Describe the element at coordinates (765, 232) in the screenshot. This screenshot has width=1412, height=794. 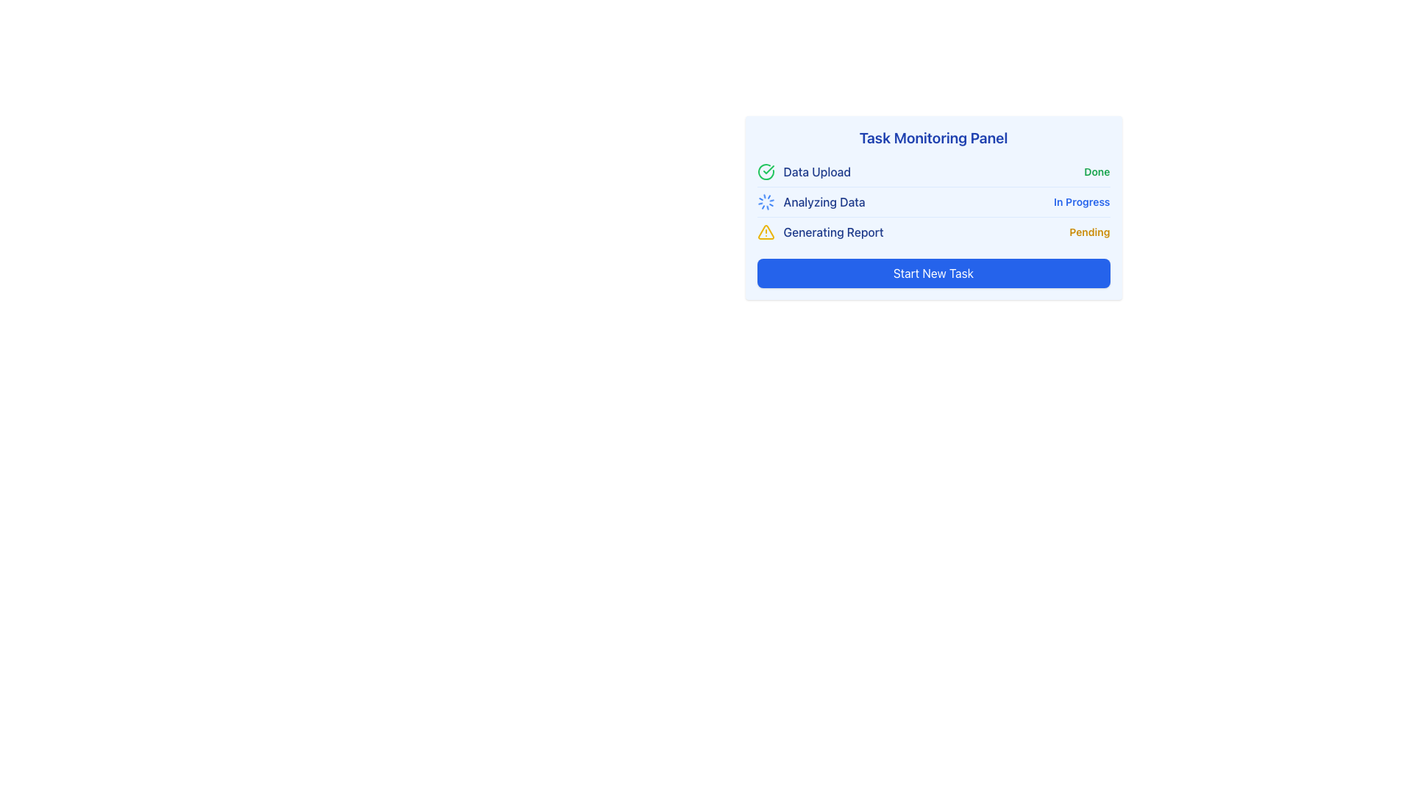
I see `the warning icon located to the left of the text 'Generating Report' in the task monitoring panel` at that location.